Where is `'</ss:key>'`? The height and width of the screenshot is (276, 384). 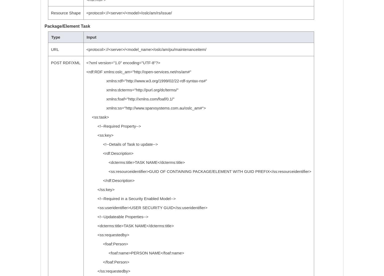
'</ss:key>' is located at coordinates (100, 189).